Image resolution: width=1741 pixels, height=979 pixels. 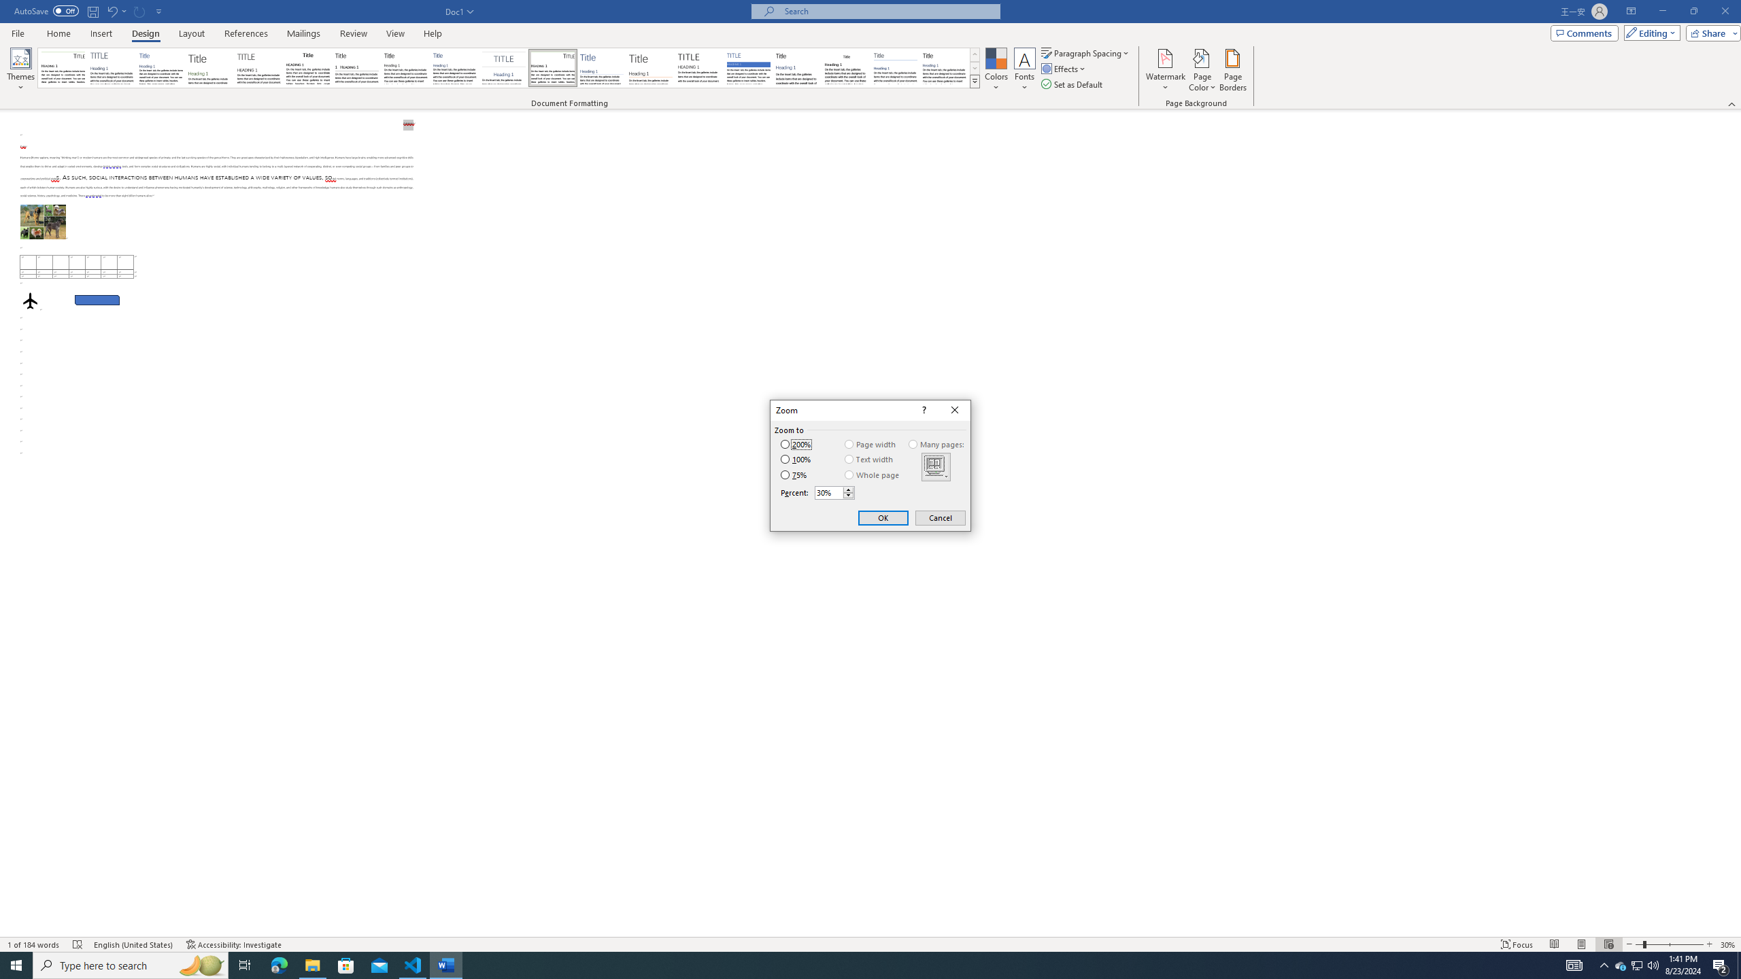 What do you see at coordinates (97, 299) in the screenshot?
I see `'Rectangle: Diagonal Corners Snipped 2'` at bounding box center [97, 299].